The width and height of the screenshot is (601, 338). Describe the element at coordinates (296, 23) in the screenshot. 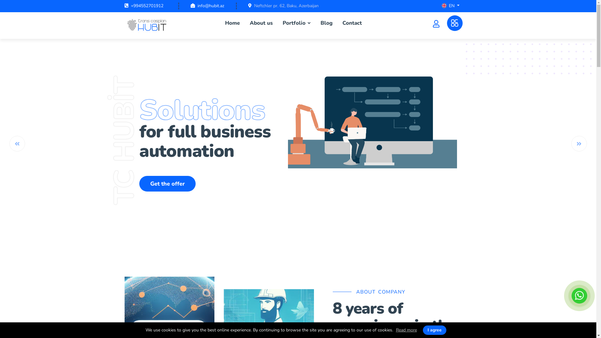

I see `'Portfolio'` at that location.